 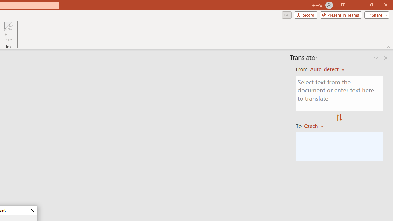 I want to click on 'Auto-detect', so click(x=327, y=69).